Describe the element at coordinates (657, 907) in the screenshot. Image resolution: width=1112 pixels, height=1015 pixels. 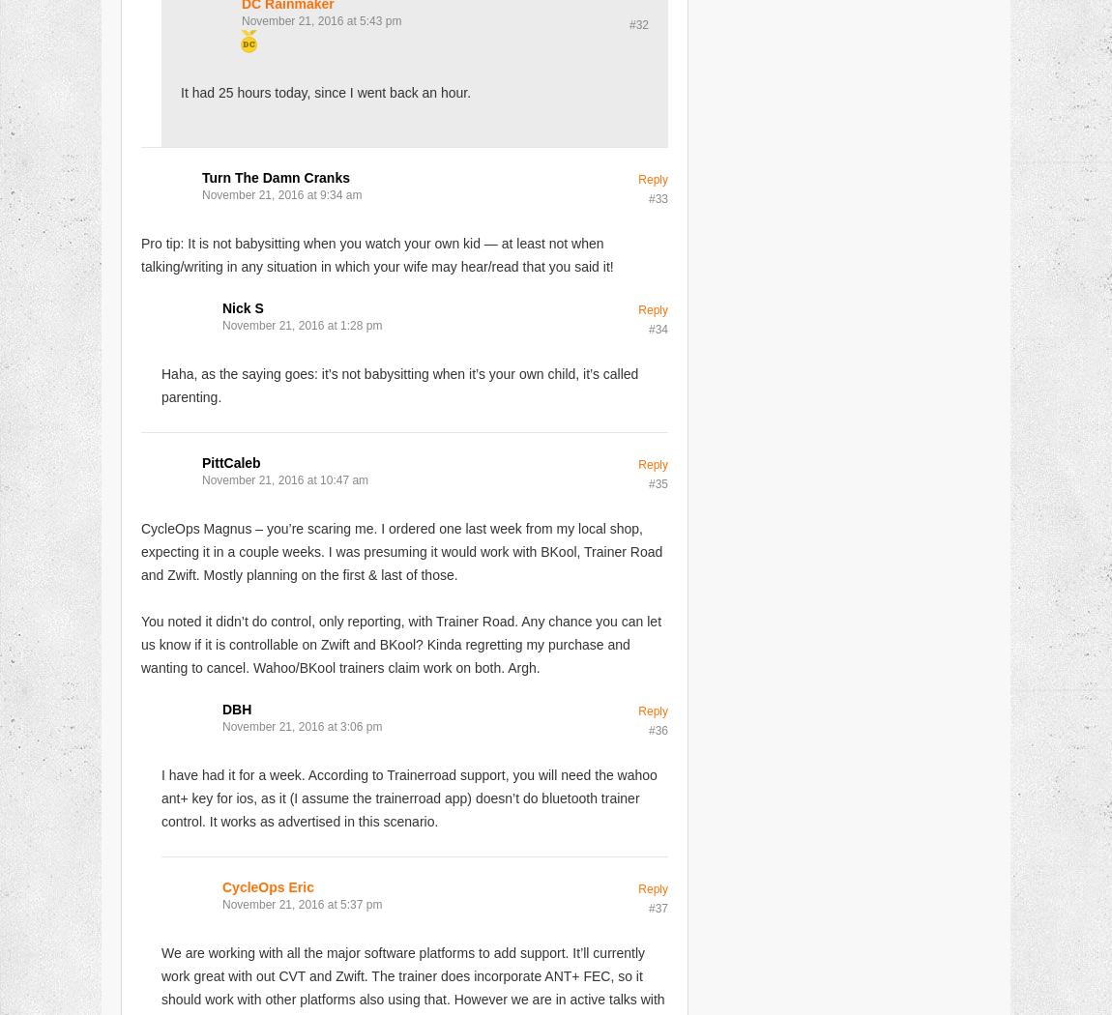
I see `'#37'` at that location.